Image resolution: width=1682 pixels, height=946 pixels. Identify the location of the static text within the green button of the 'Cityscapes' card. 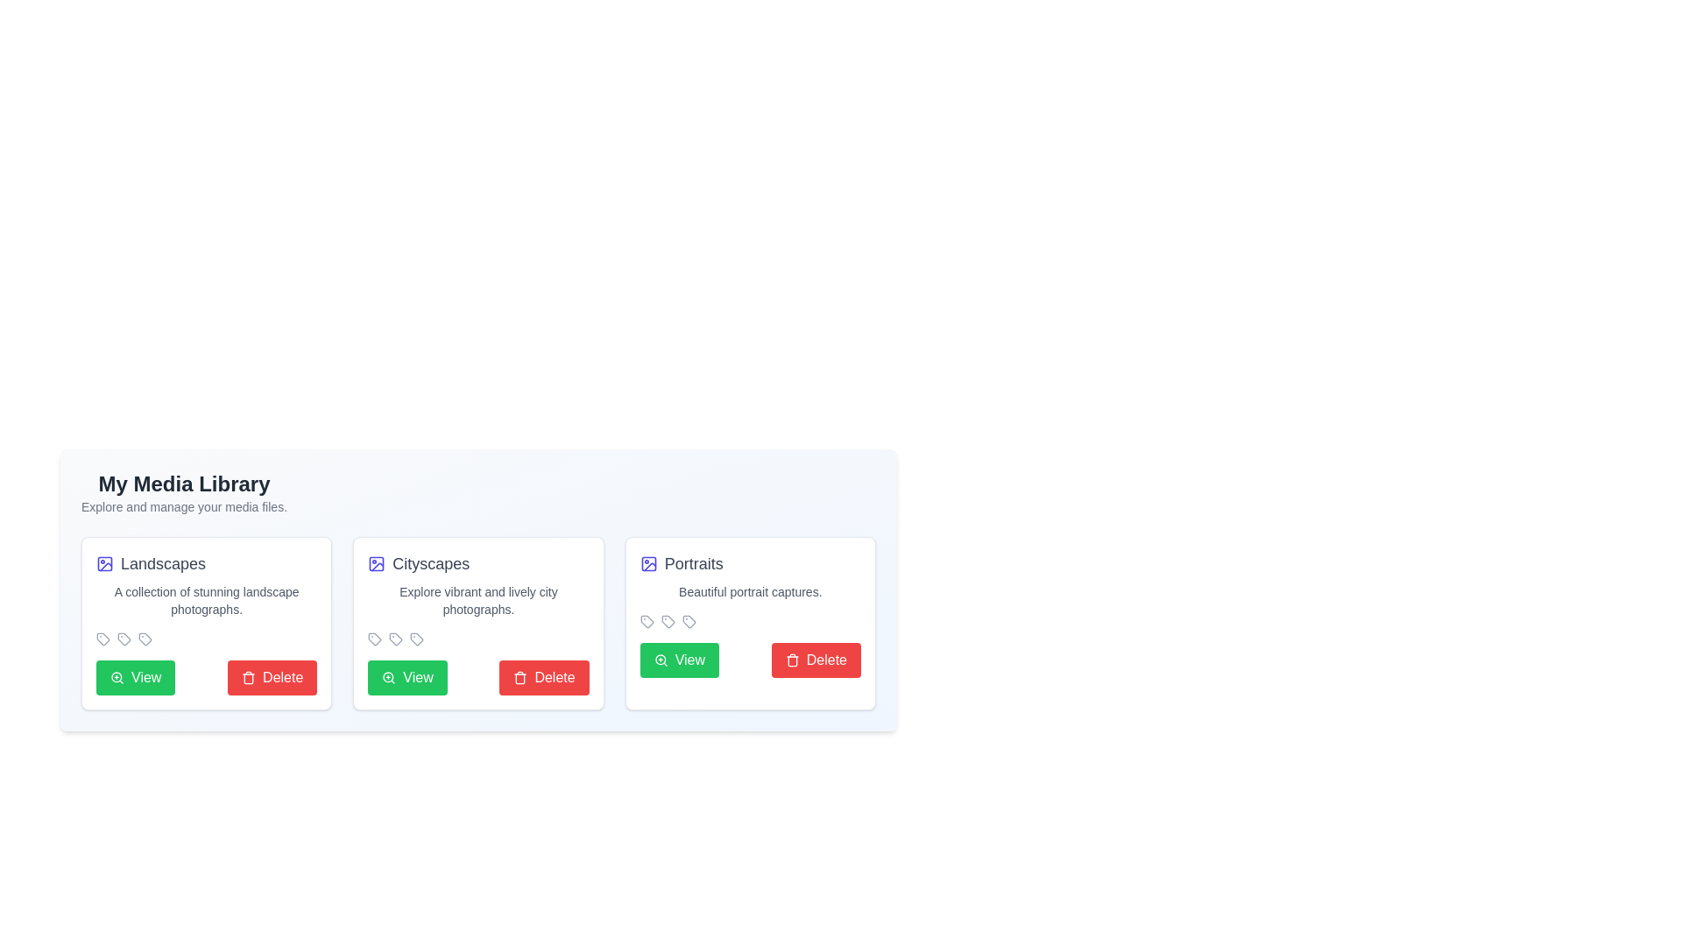
(417, 677).